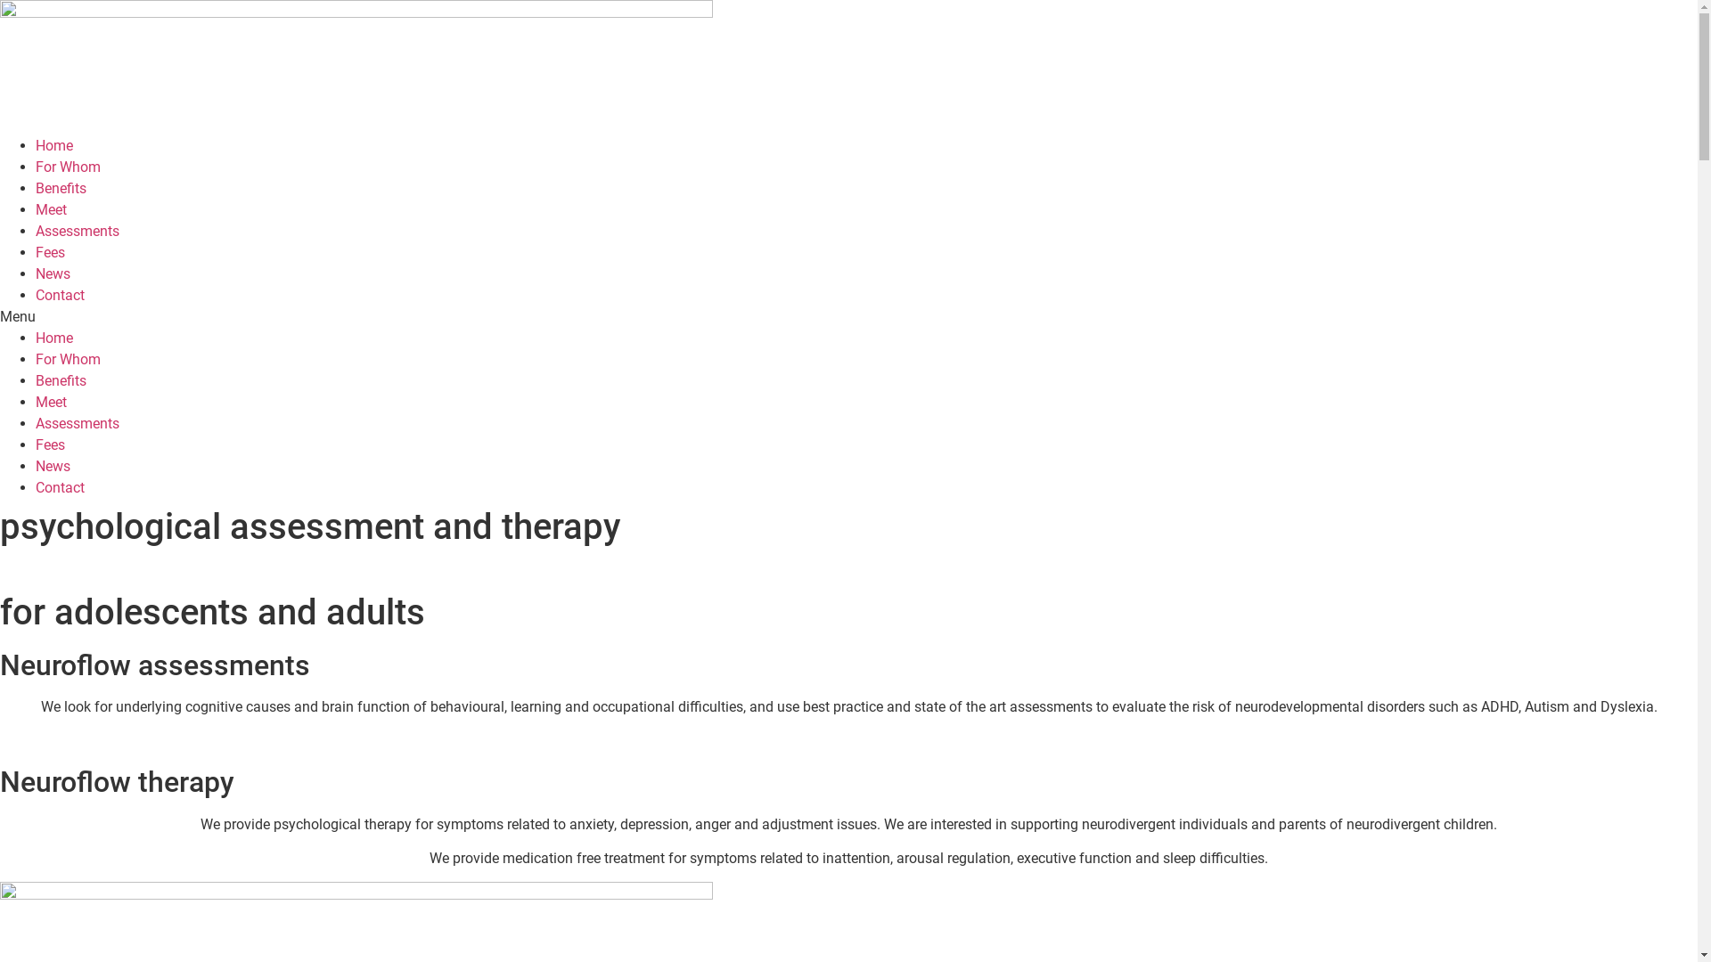  I want to click on 'Meet', so click(51, 208).